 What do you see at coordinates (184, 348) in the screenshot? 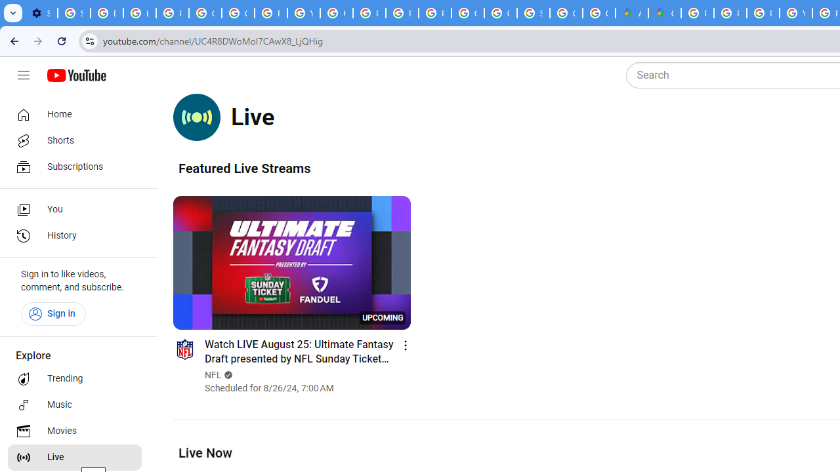
I see `'Go to channel'` at bounding box center [184, 348].